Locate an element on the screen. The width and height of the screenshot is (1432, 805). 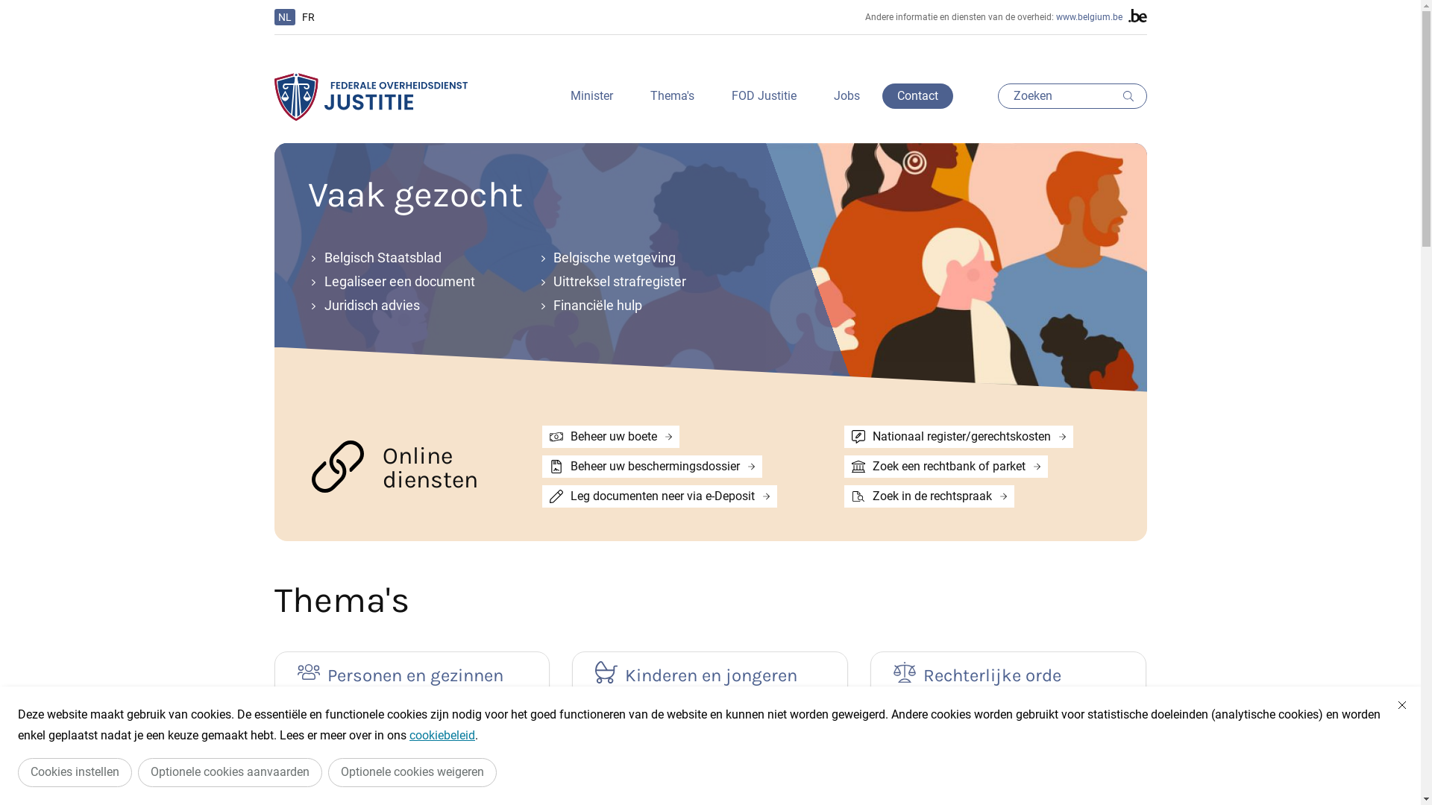
'Optionele cookies weigeren' is located at coordinates (412, 771).